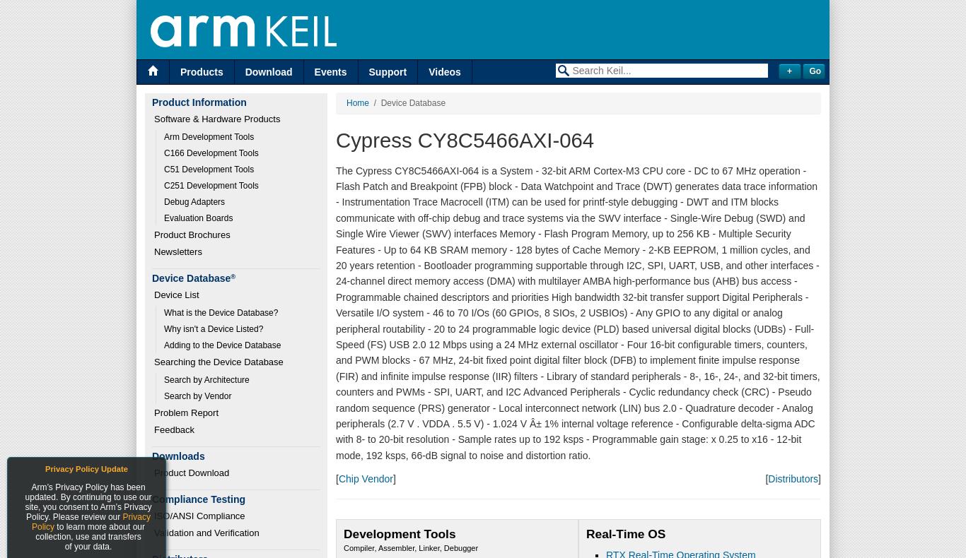 The image size is (966, 558). I want to click on 'C251 Development Tools', so click(211, 185).